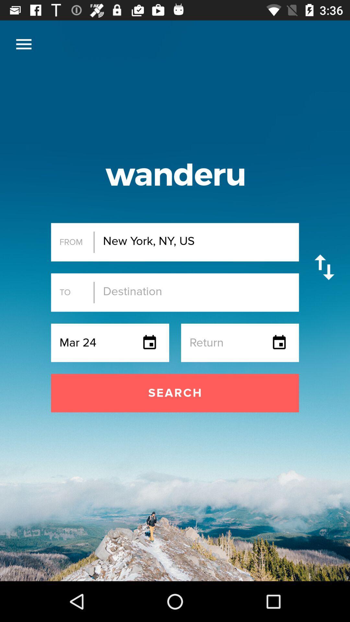 The height and width of the screenshot is (622, 350). What do you see at coordinates (23, 44) in the screenshot?
I see `see menu` at bounding box center [23, 44].